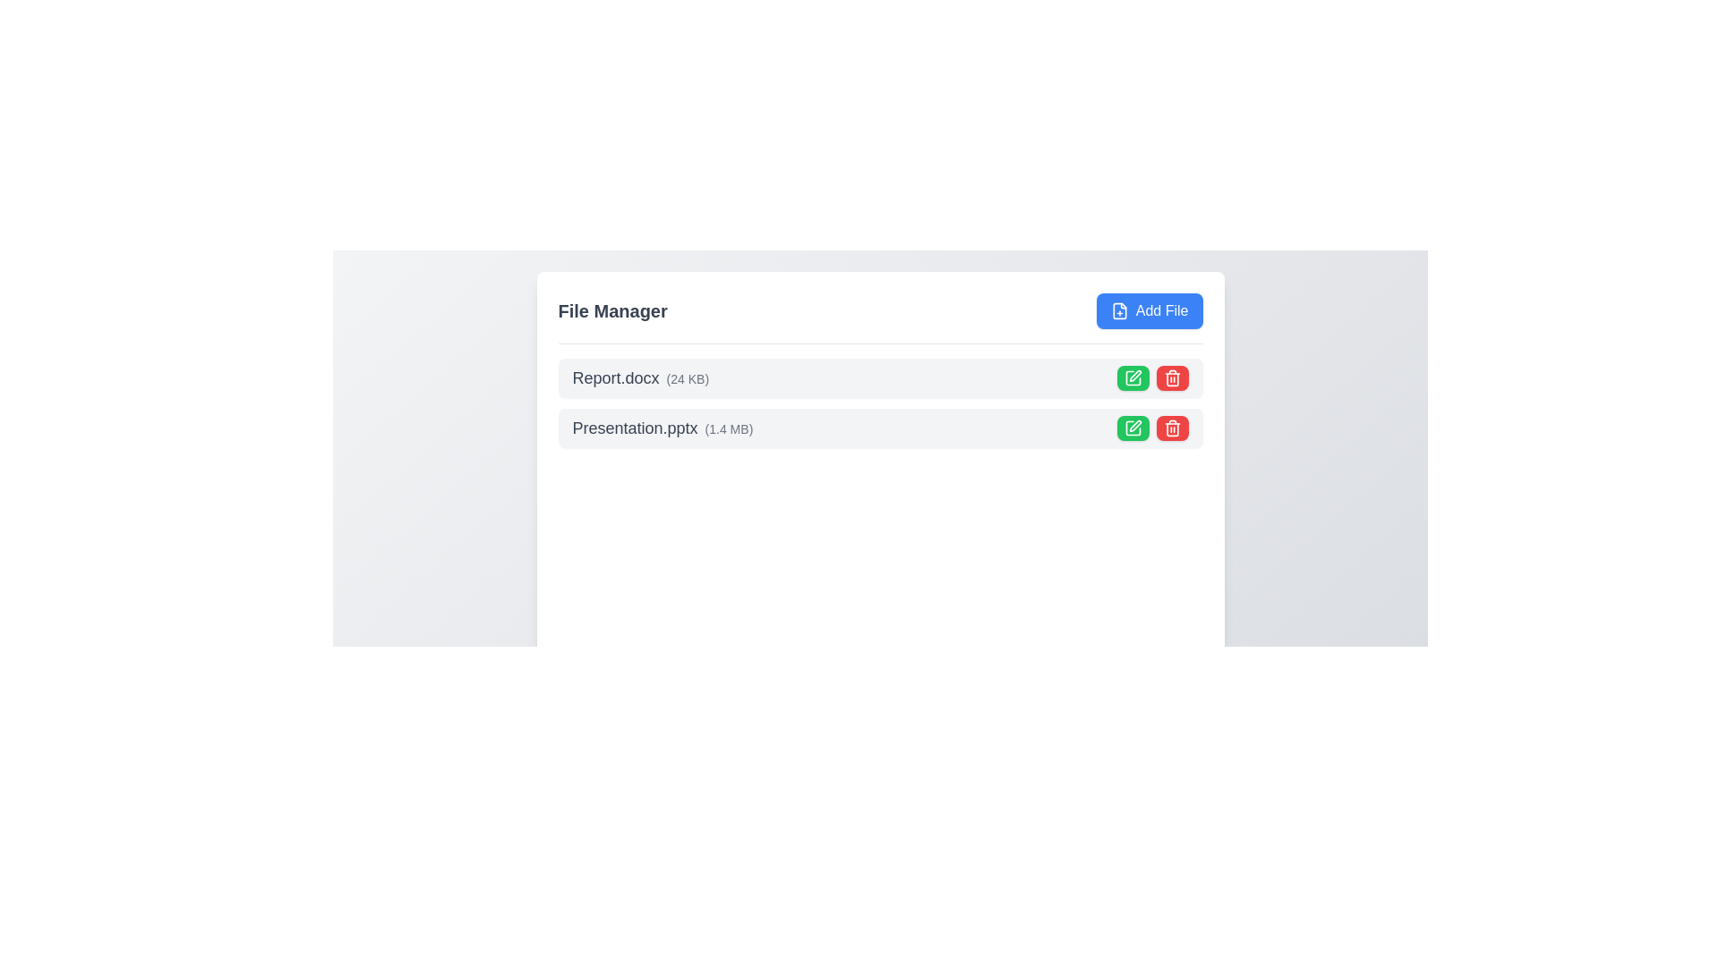 This screenshot has height=966, width=1719. What do you see at coordinates (615, 377) in the screenshot?
I see `the static text label that acts as the title or name of a file, located in the first row of a list, to the left of '(24 KB)' and above 'Presentation.pptx'` at bounding box center [615, 377].